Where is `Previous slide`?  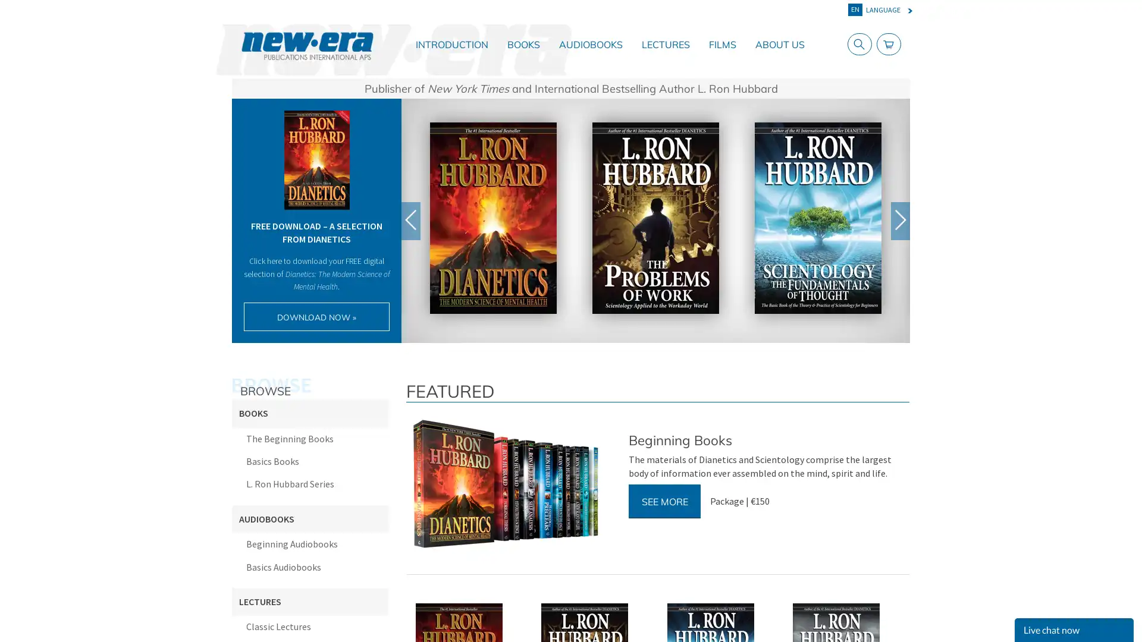 Previous slide is located at coordinates (411, 220).